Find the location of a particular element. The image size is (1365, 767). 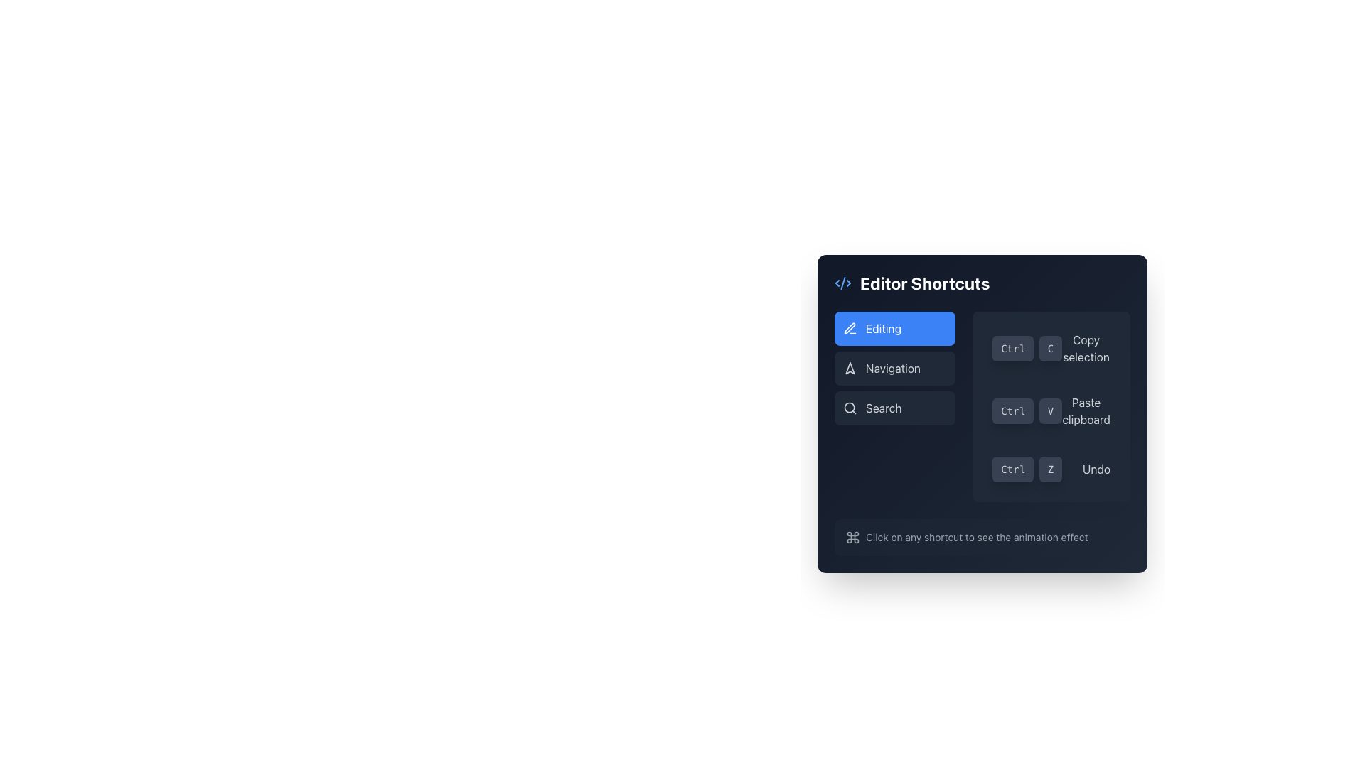

the topmost circular blue icon button in the 'Editor Shortcuts' panel is located at coordinates (850, 328).